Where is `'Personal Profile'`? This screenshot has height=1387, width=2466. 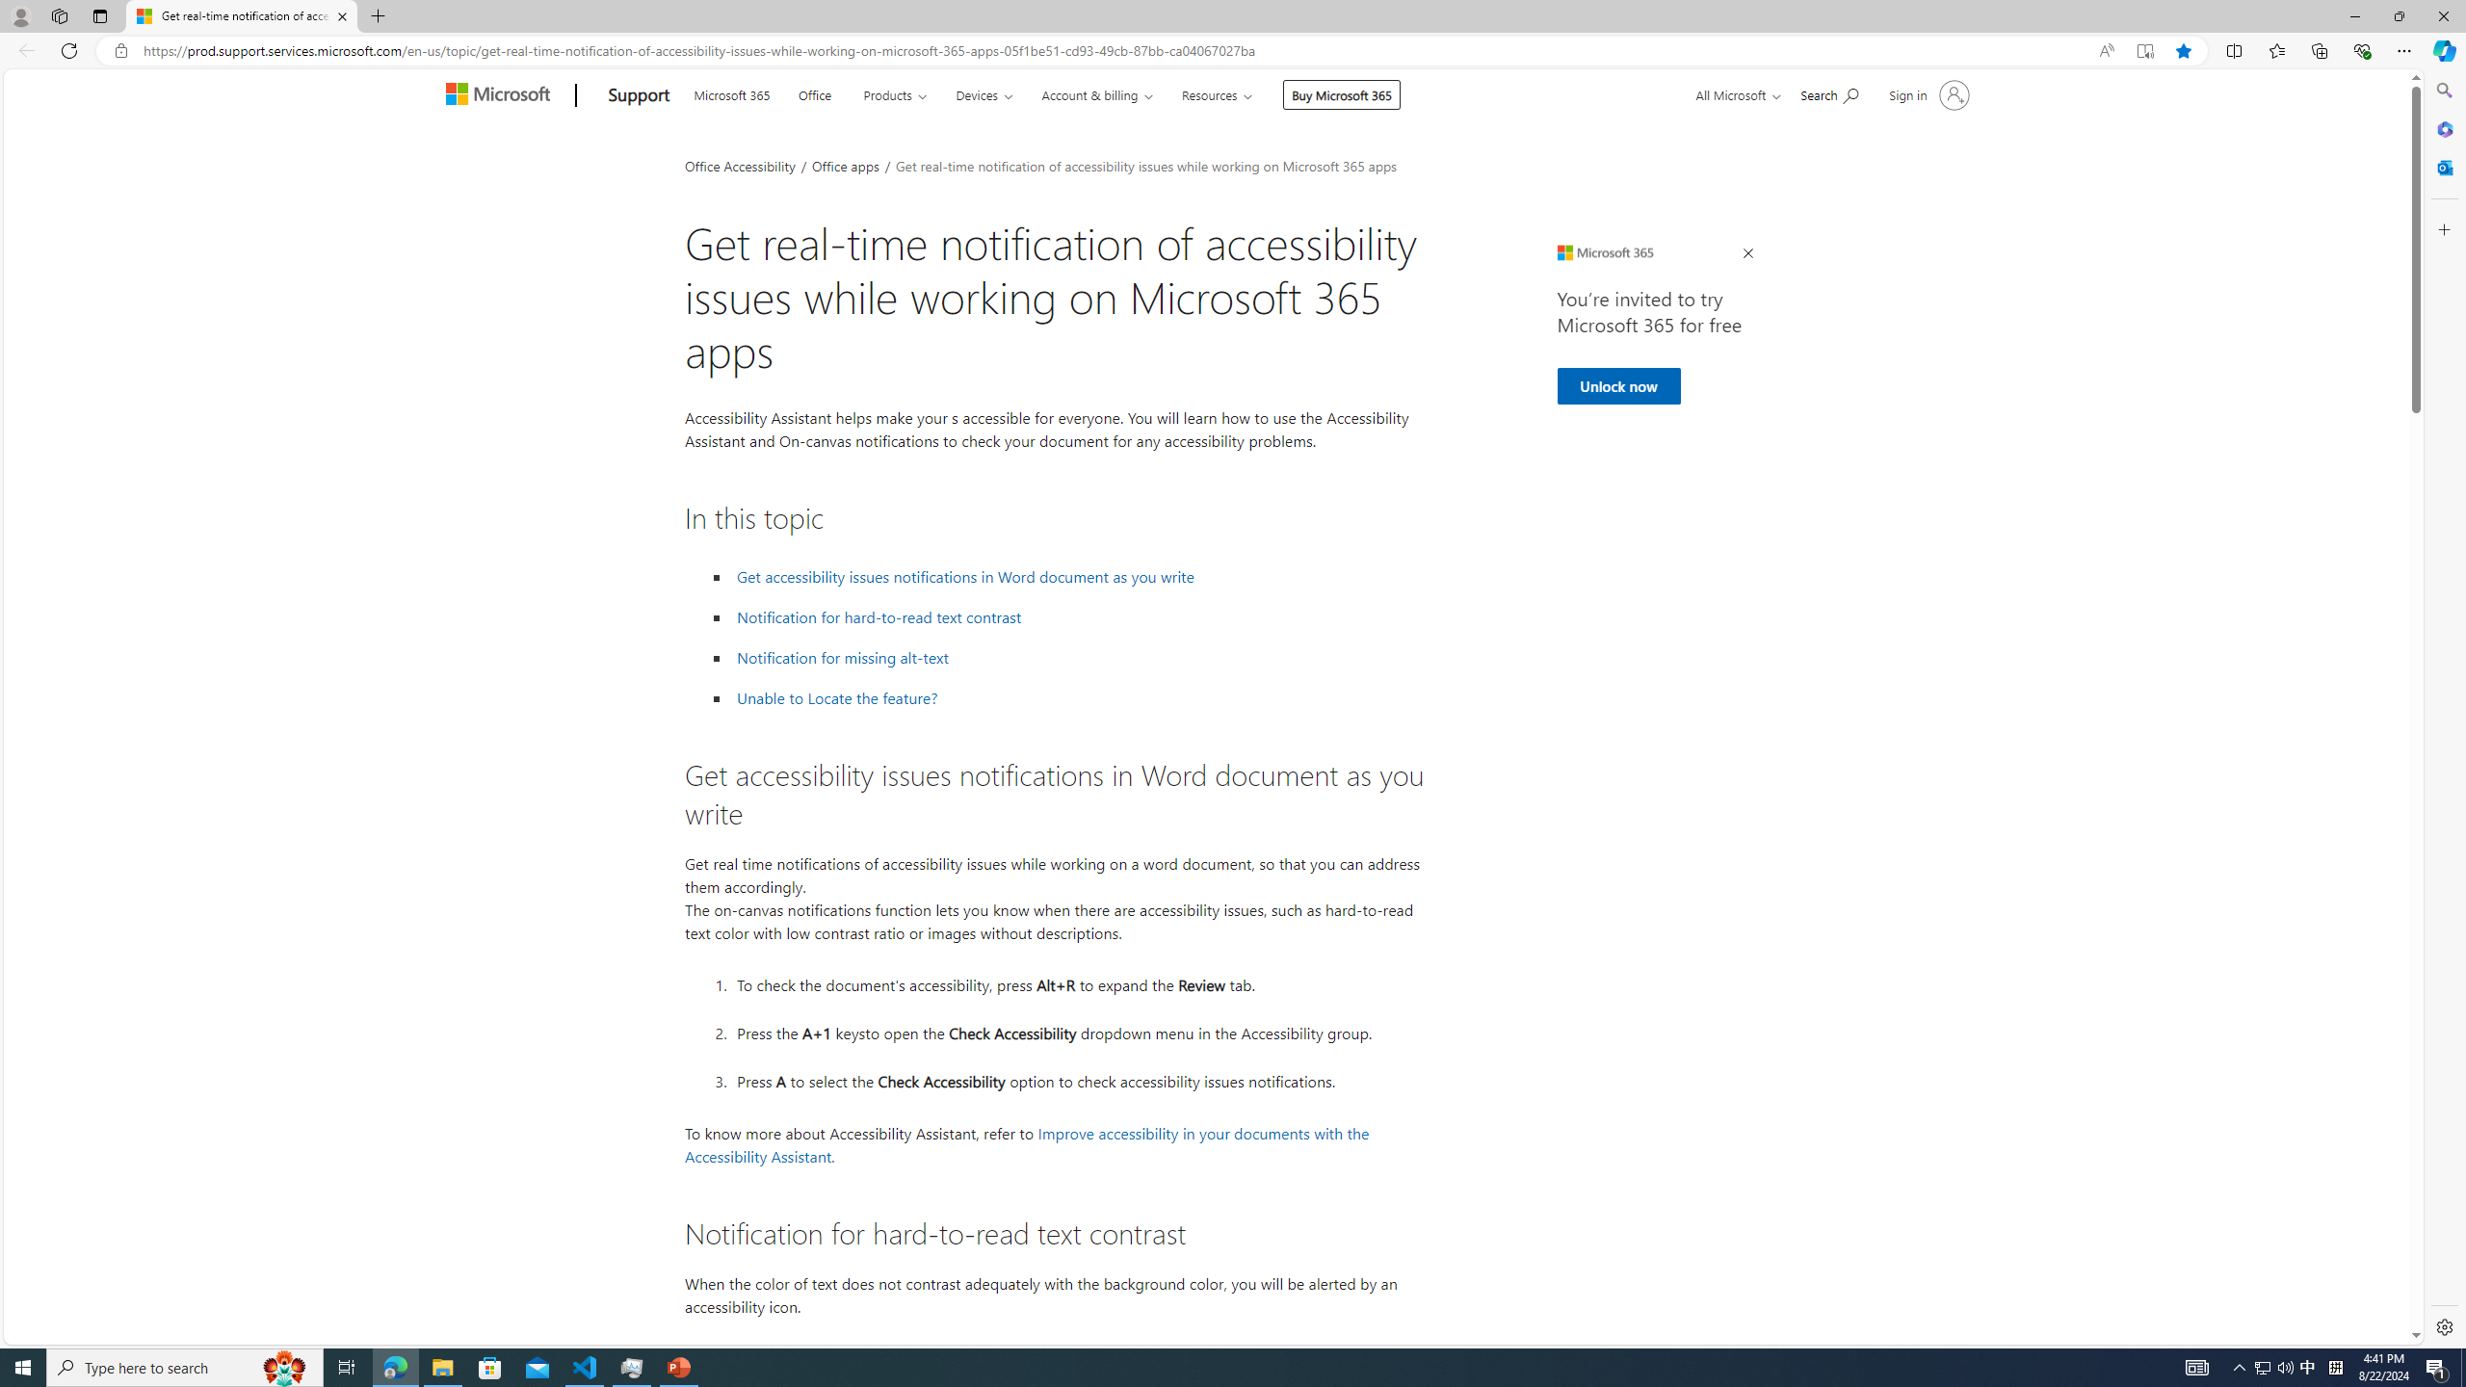
'Personal Profile' is located at coordinates (19, 15).